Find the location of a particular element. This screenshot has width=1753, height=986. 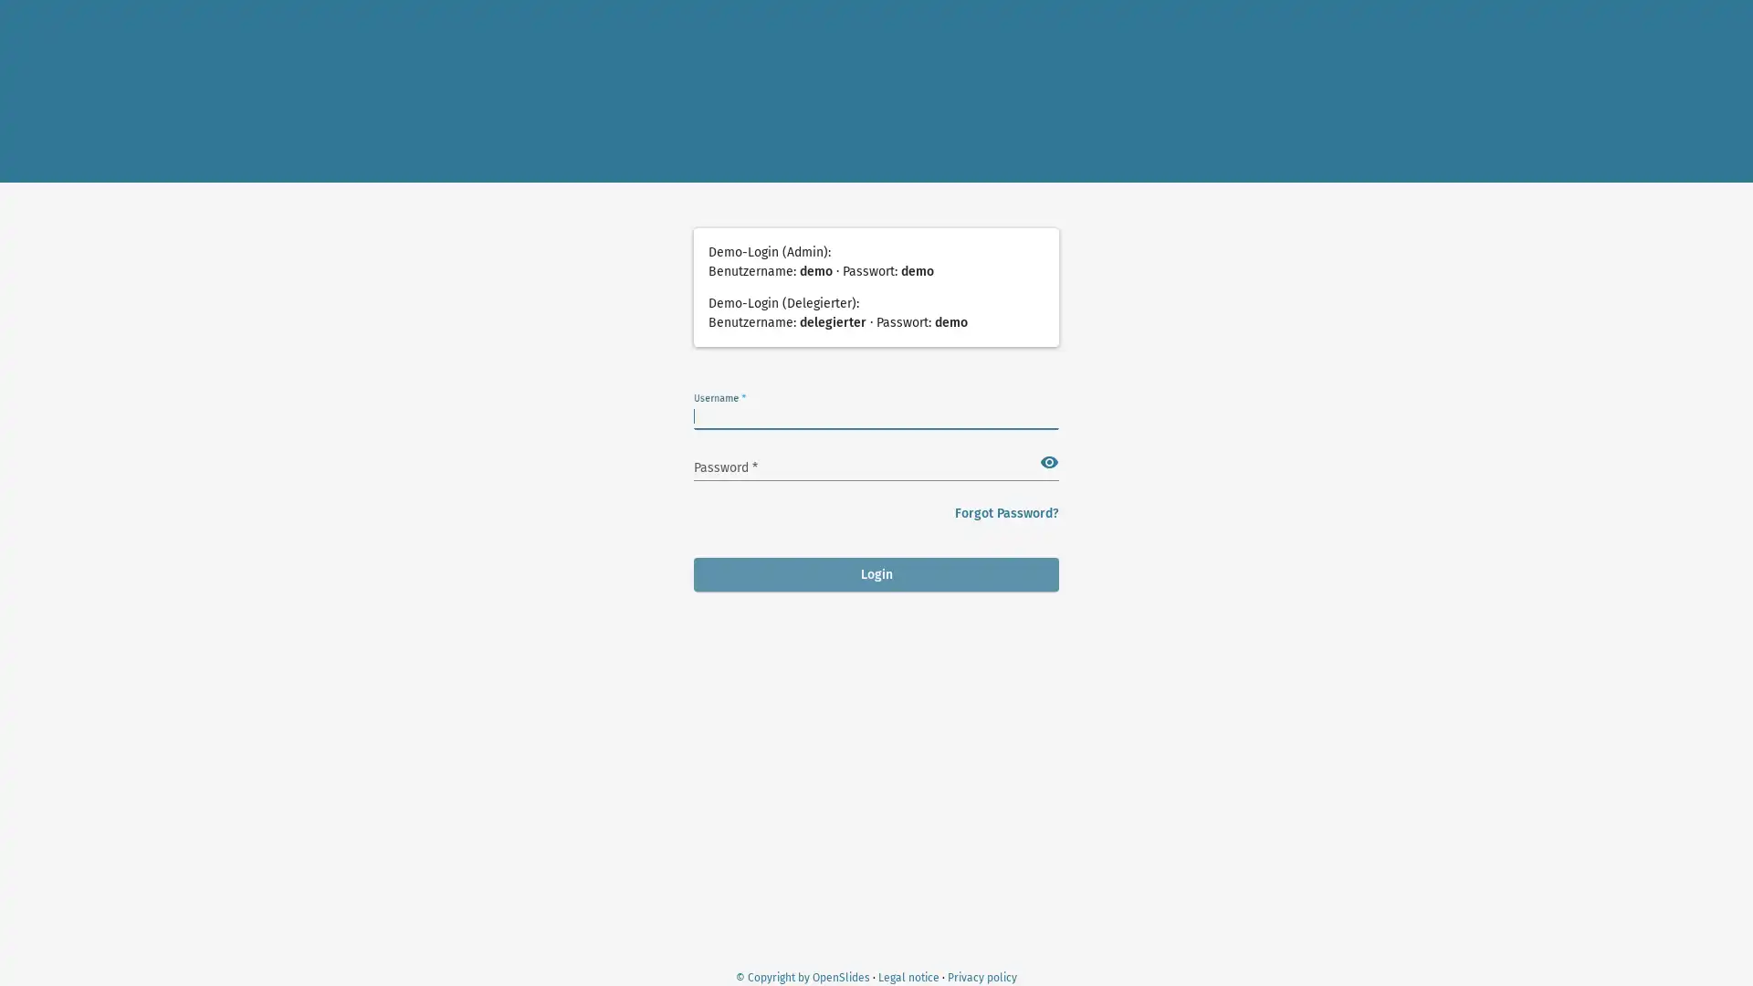

Login is located at coordinates (876, 573).